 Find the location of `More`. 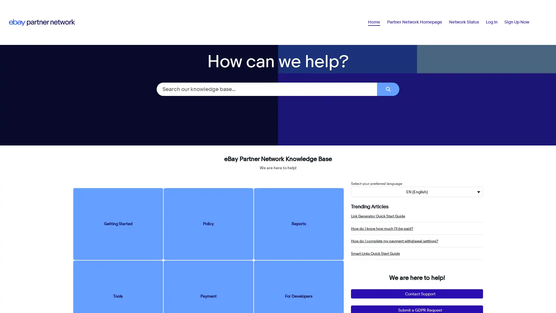

More is located at coordinates (522, 22).